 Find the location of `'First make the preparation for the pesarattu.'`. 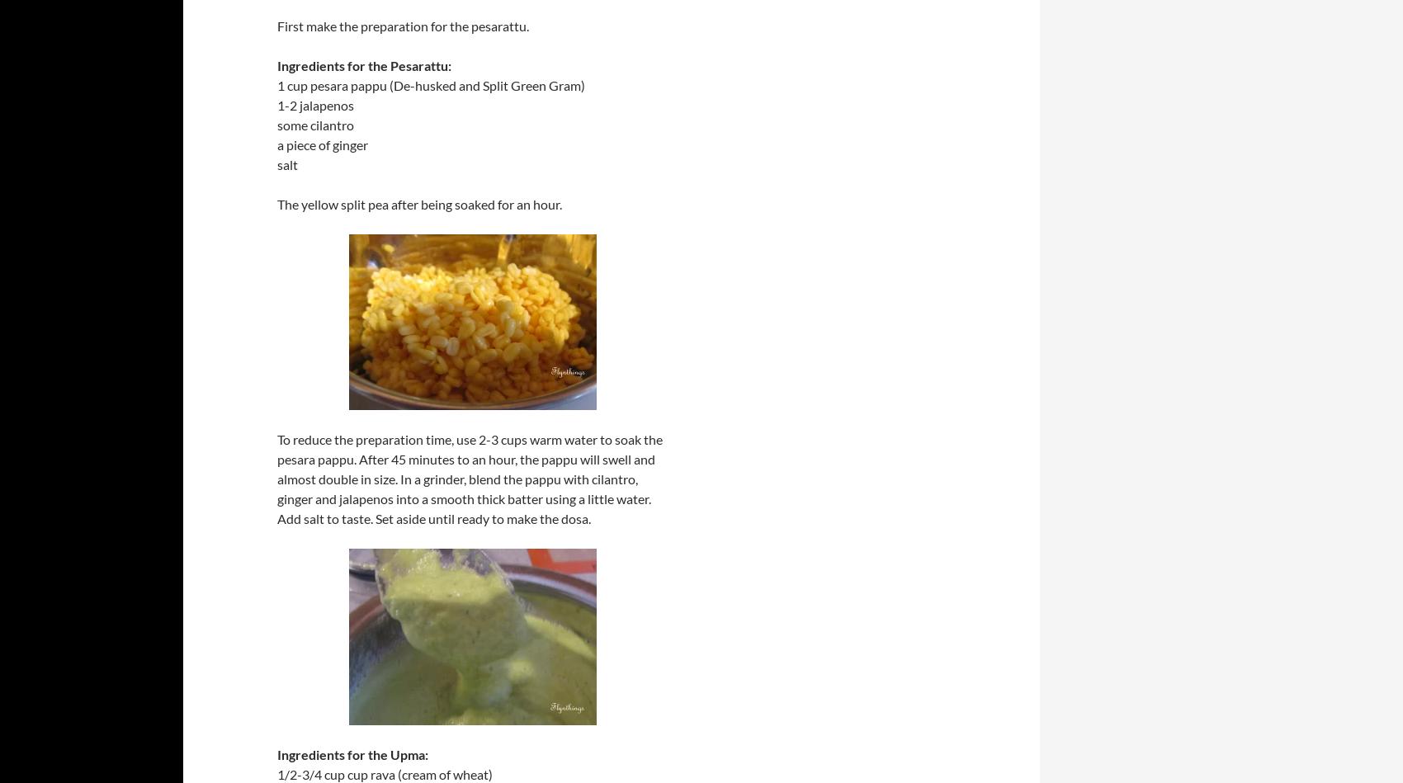

'First make the preparation for the pesarattu.' is located at coordinates (403, 26).